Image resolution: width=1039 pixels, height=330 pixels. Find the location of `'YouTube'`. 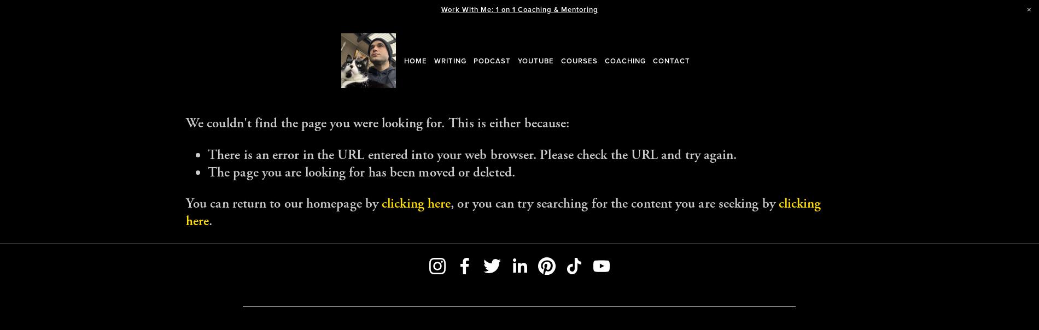

'YouTube' is located at coordinates (536, 60).